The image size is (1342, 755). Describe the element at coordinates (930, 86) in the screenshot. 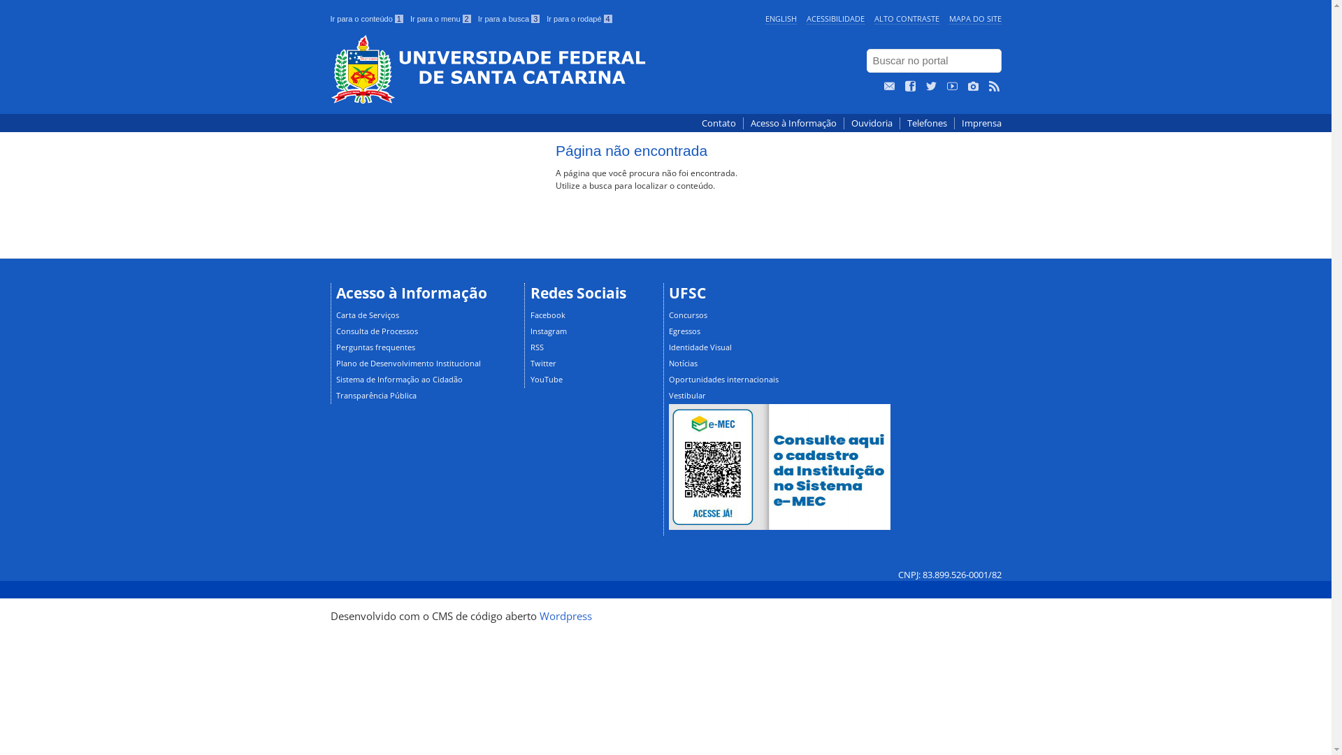

I see `'Siga no Twitter'` at that location.